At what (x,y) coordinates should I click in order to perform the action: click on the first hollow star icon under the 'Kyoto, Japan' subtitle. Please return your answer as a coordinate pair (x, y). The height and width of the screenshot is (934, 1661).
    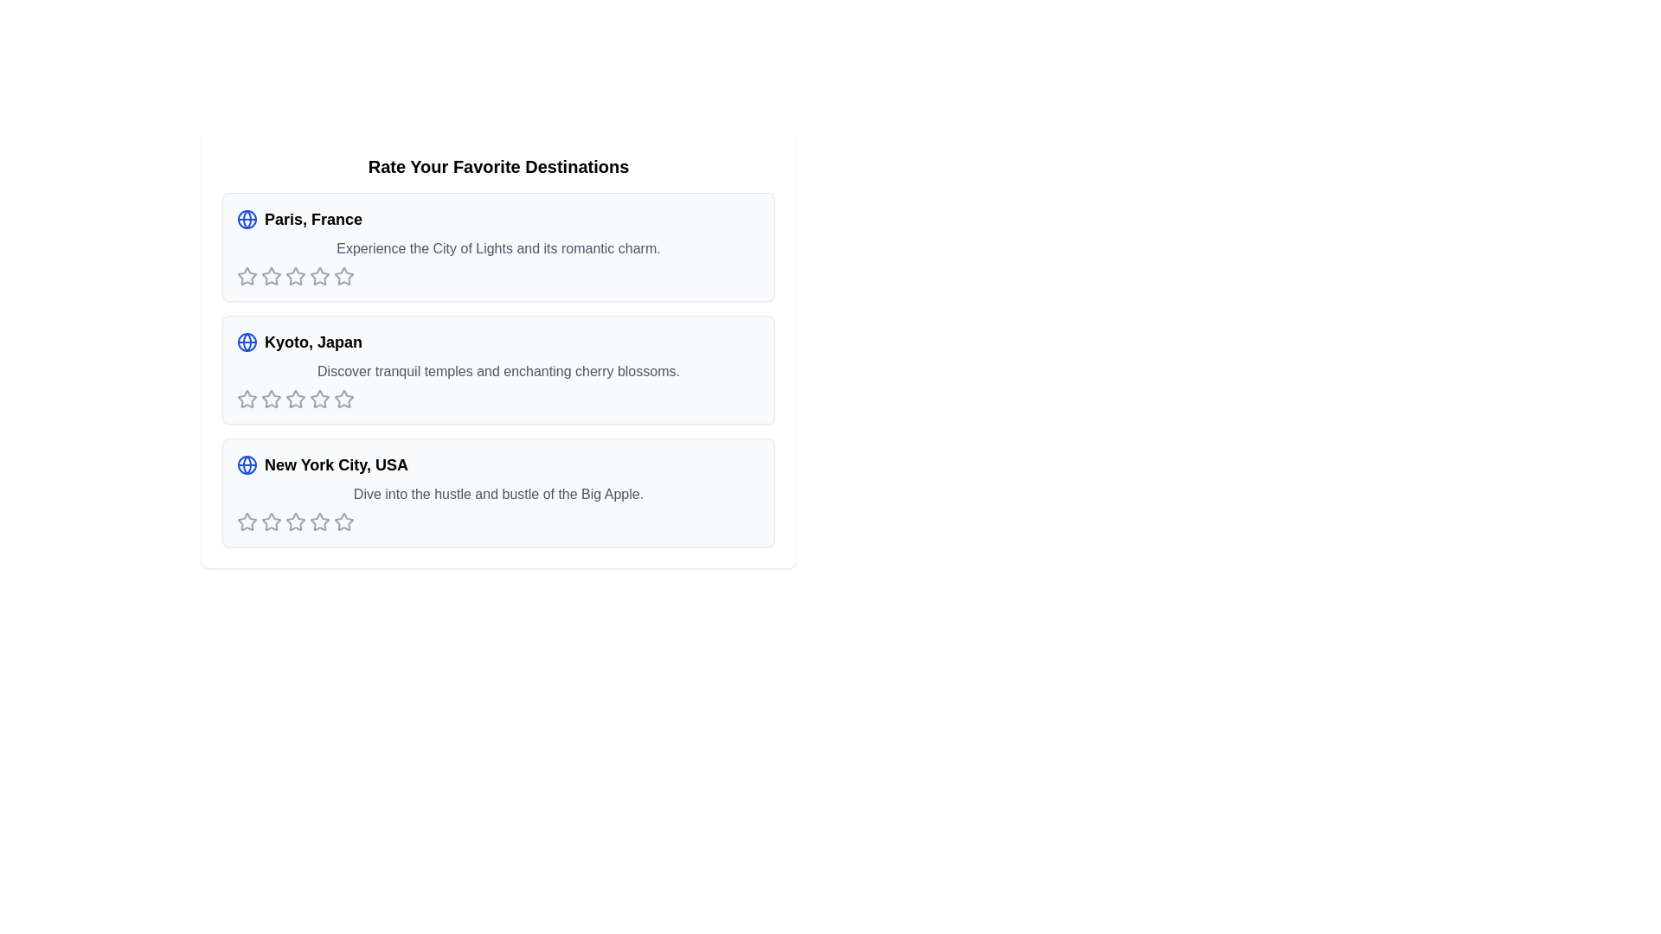
    Looking at the image, I should click on (270, 399).